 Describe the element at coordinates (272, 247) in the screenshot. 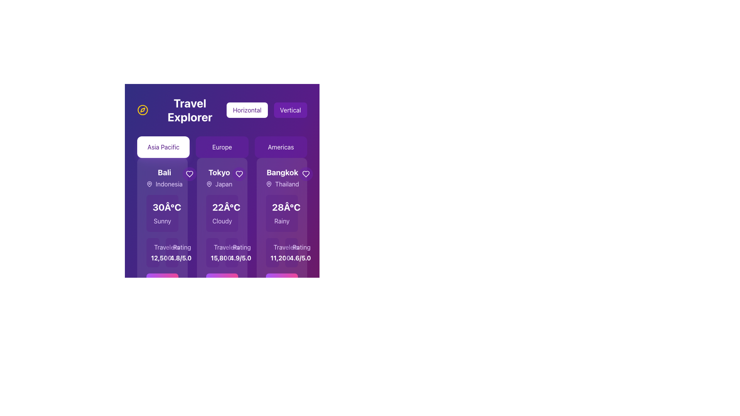

I see `the 'Travelers' label and icon element, which features the word 'Travelers' in light purple text beside an icon of three human figures, located at the top of the 'Travelers' section in the 'Bangkok' column` at that location.